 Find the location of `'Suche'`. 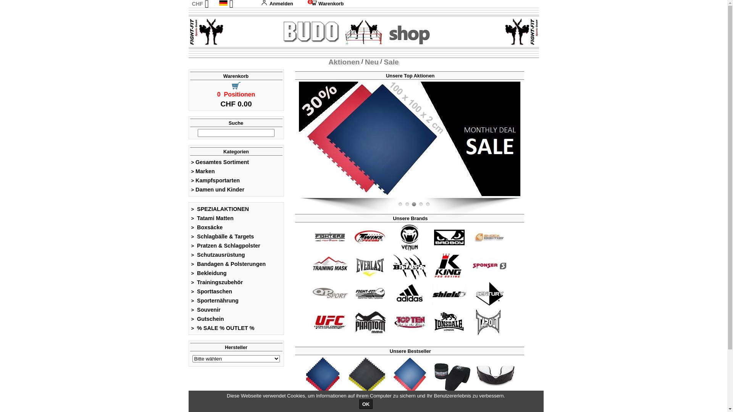

'Suche' is located at coordinates (228, 122).